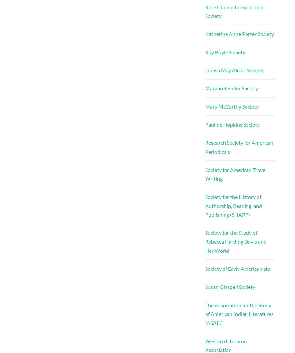 This screenshot has height=353, width=295. I want to click on 'Society for the History of Authorship, Reading, and Publishing (SHARP)', so click(233, 205).